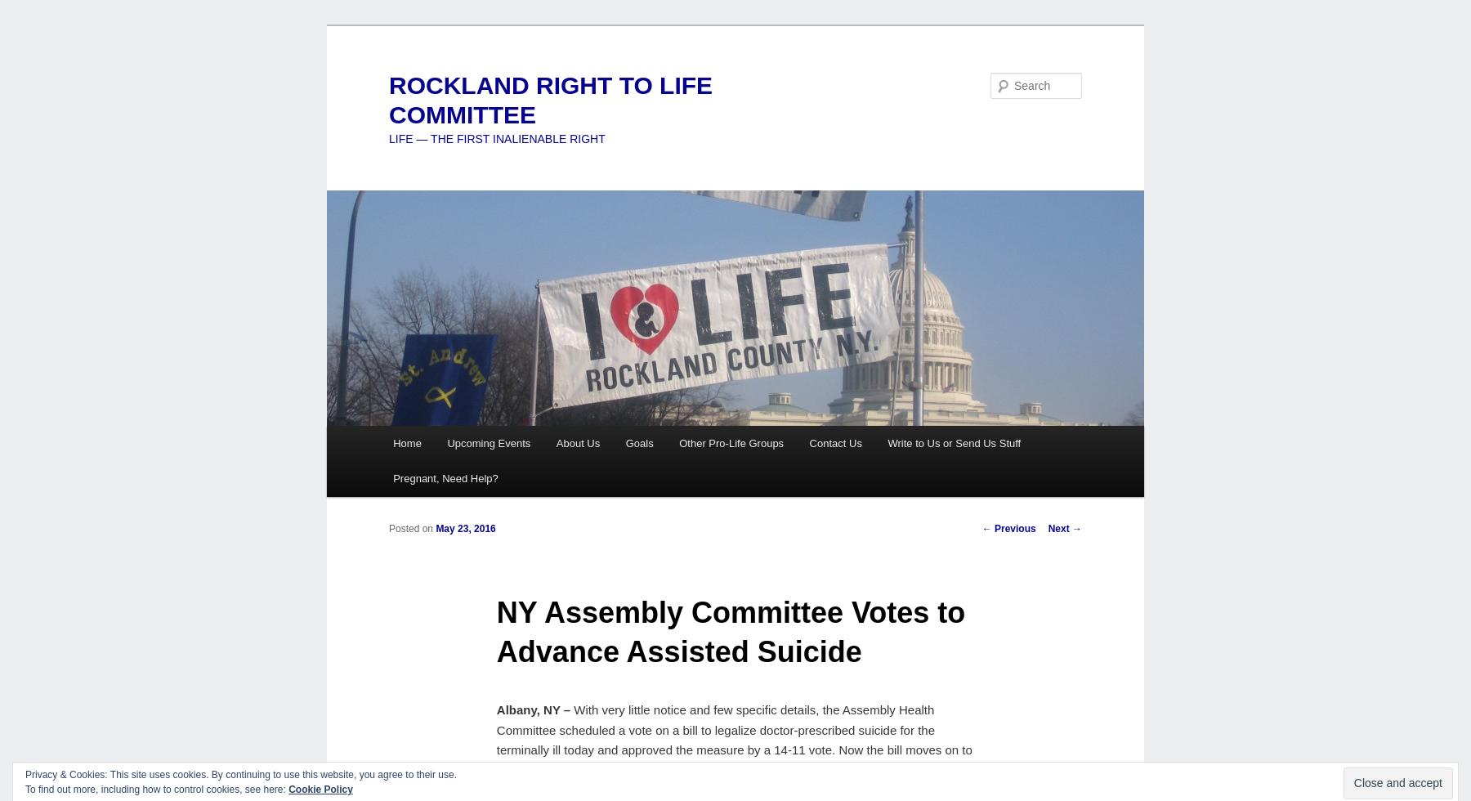  What do you see at coordinates (465, 528) in the screenshot?
I see `'May 23, 2016'` at bounding box center [465, 528].